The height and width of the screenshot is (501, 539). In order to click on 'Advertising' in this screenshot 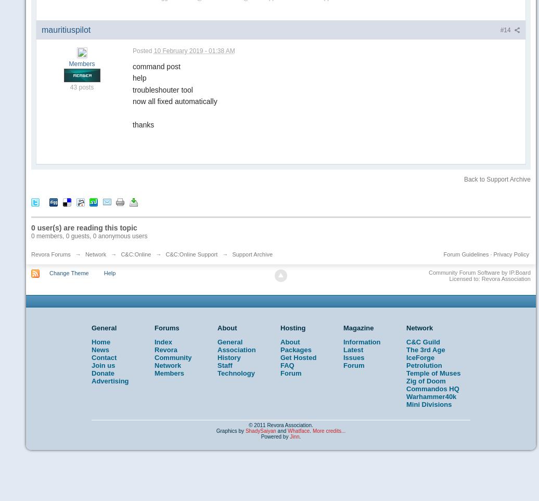, I will do `click(110, 380)`.